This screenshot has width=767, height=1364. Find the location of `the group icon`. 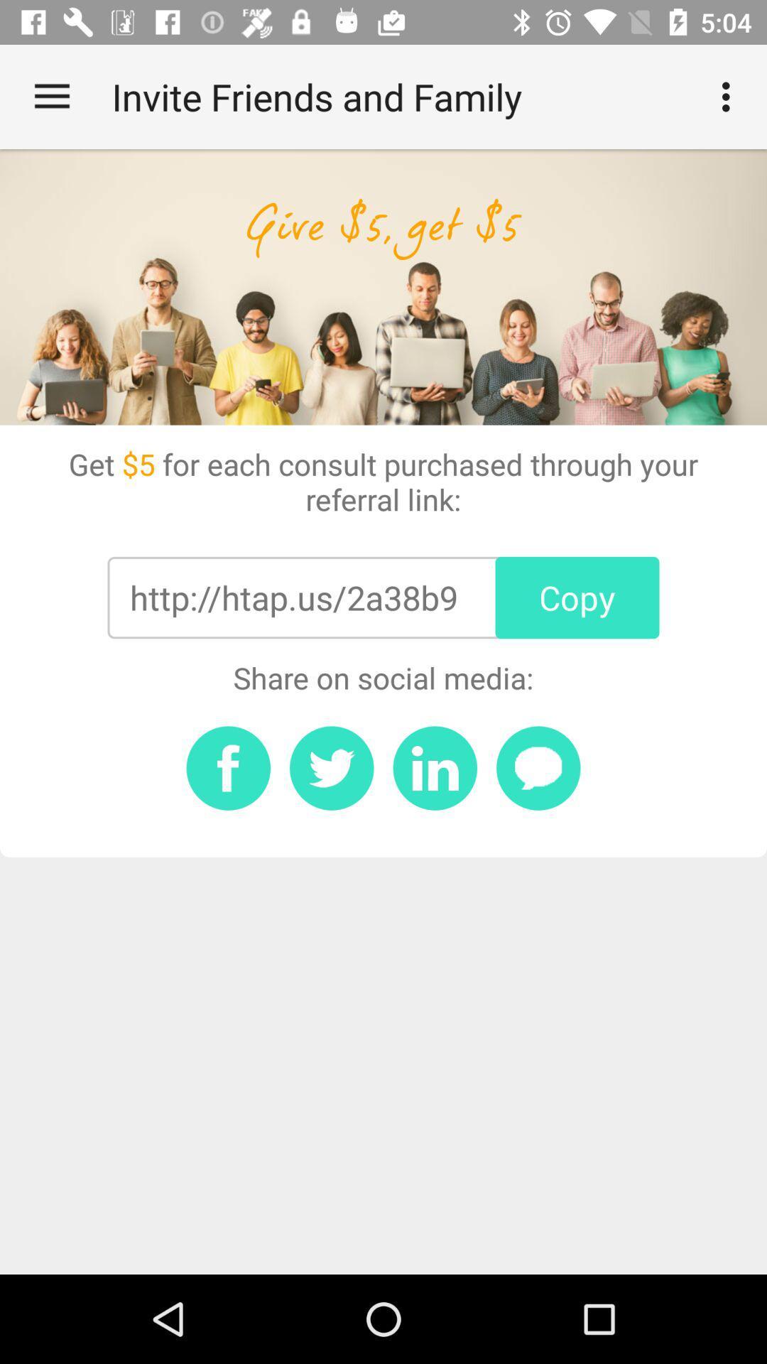

the group icon is located at coordinates (434, 767).